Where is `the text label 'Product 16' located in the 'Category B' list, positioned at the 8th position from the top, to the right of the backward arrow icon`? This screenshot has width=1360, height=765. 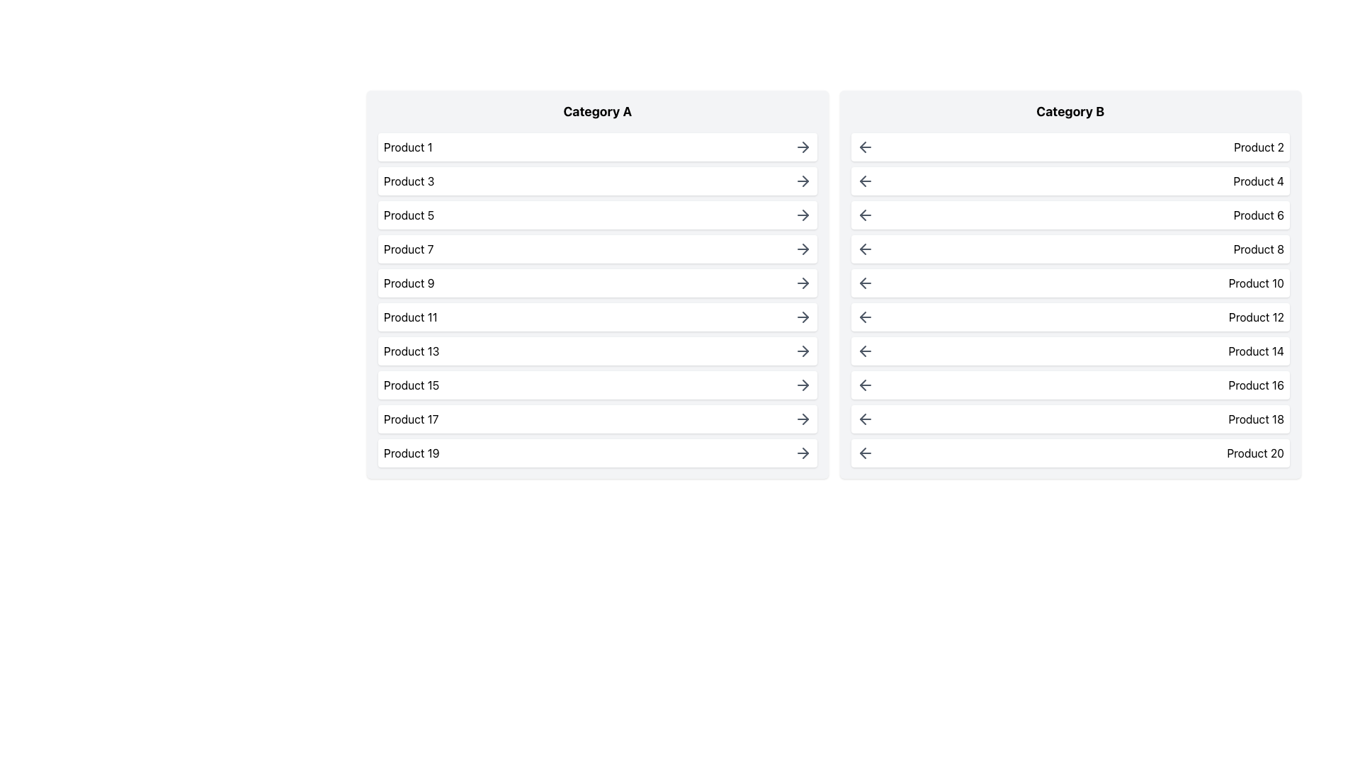
the text label 'Product 16' located in the 'Category B' list, positioned at the 8th position from the top, to the right of the backward arrow icon is located at coordinates (1256, 385).